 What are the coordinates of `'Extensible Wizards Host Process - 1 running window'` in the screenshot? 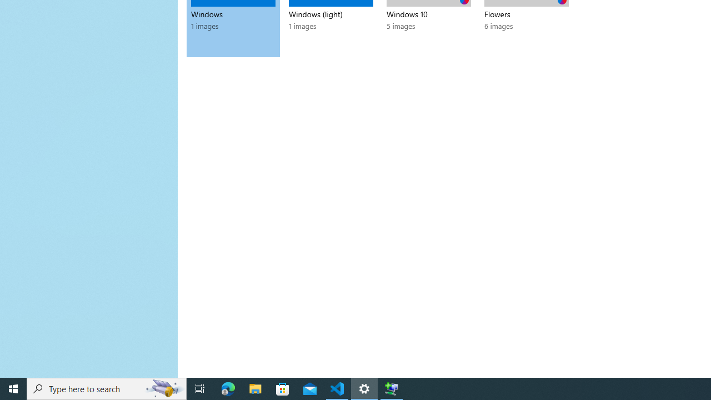 It's located at (392, 388).